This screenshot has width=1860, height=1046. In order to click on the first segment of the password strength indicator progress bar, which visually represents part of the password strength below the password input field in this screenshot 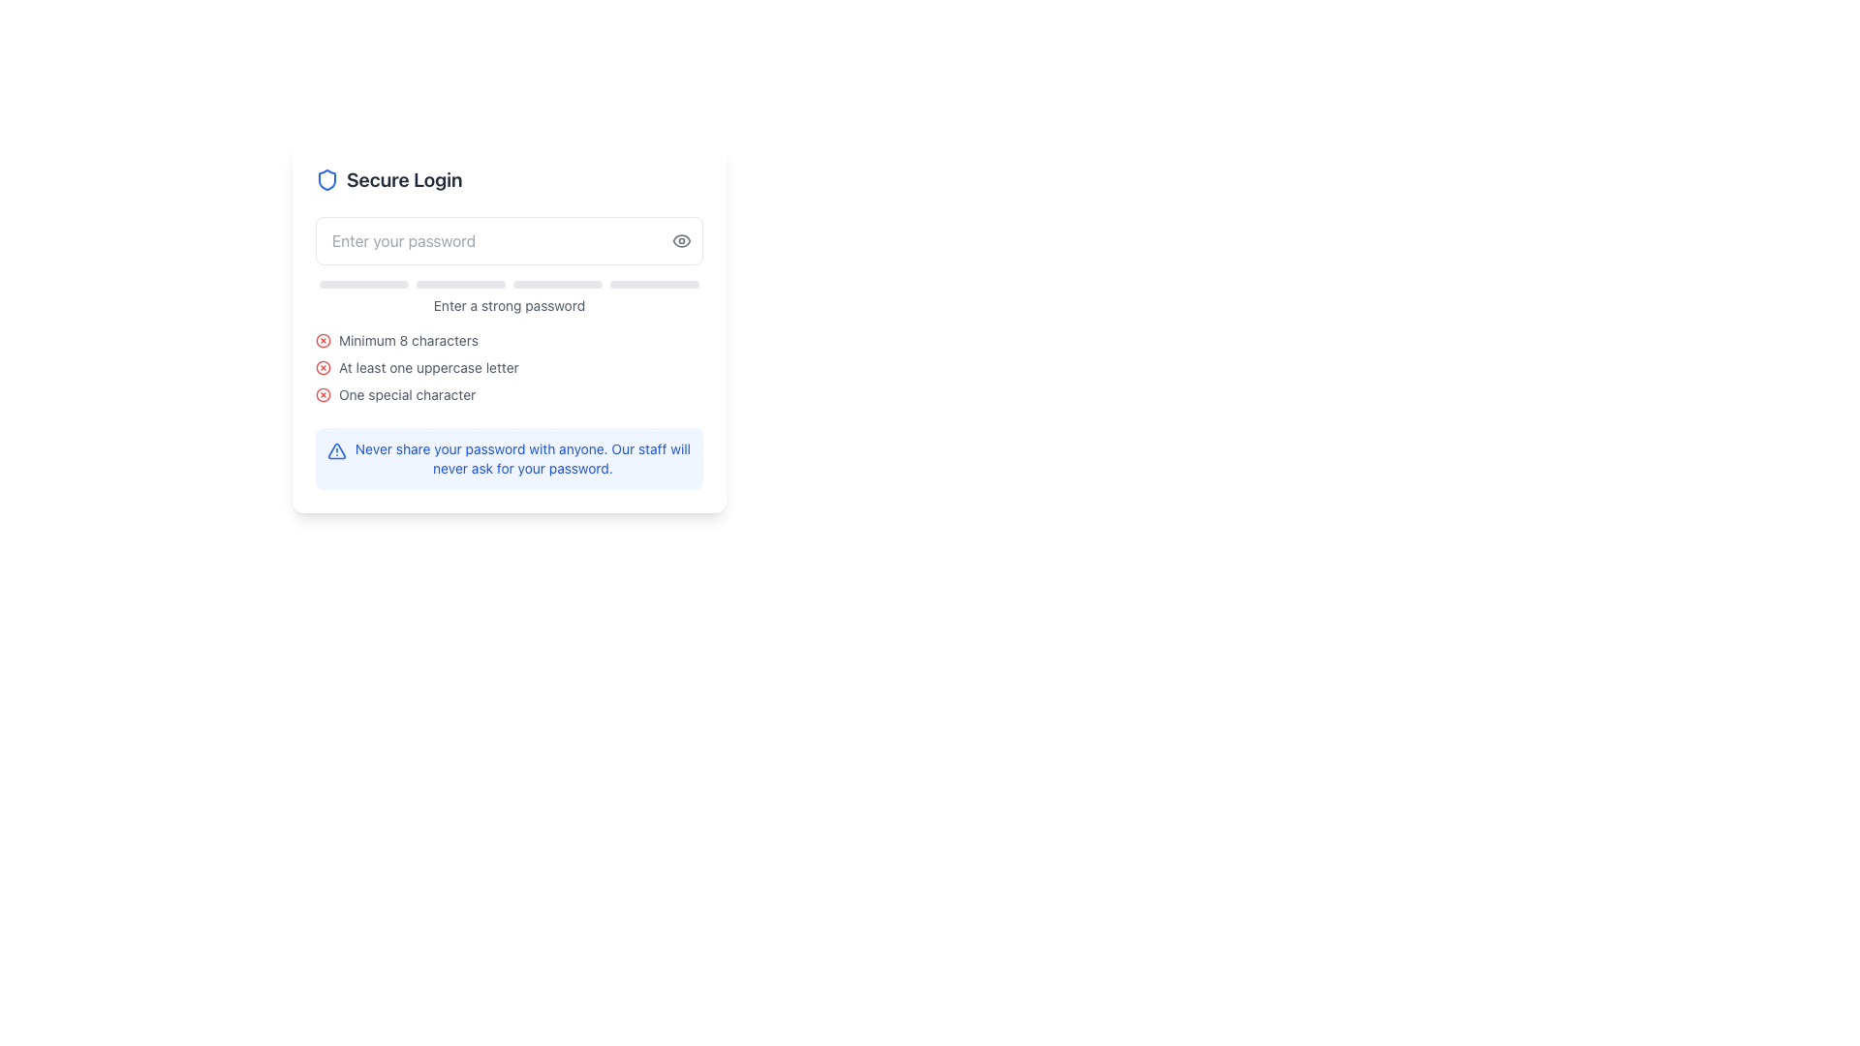, I will do `click(363, 284)`.